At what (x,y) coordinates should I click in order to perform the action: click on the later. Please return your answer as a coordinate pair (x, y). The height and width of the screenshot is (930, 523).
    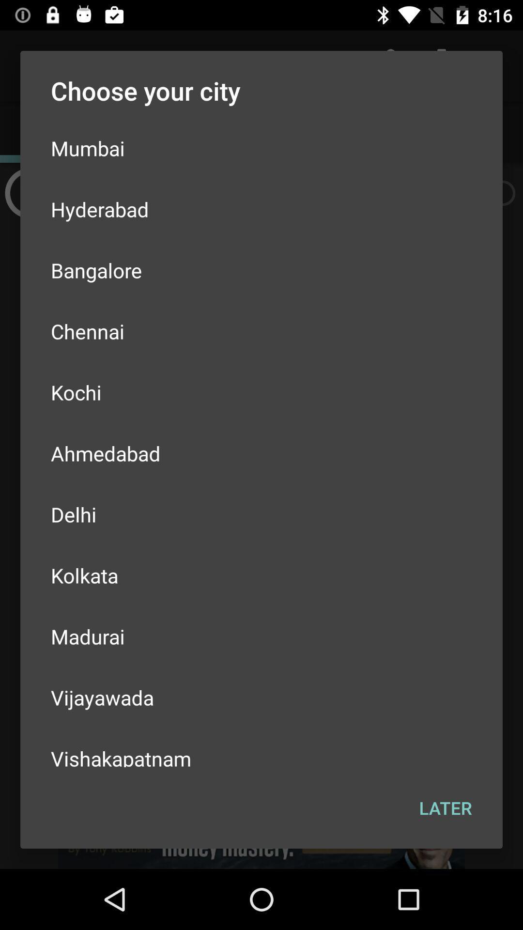
    Looking at the image, I should click on (446, 808).